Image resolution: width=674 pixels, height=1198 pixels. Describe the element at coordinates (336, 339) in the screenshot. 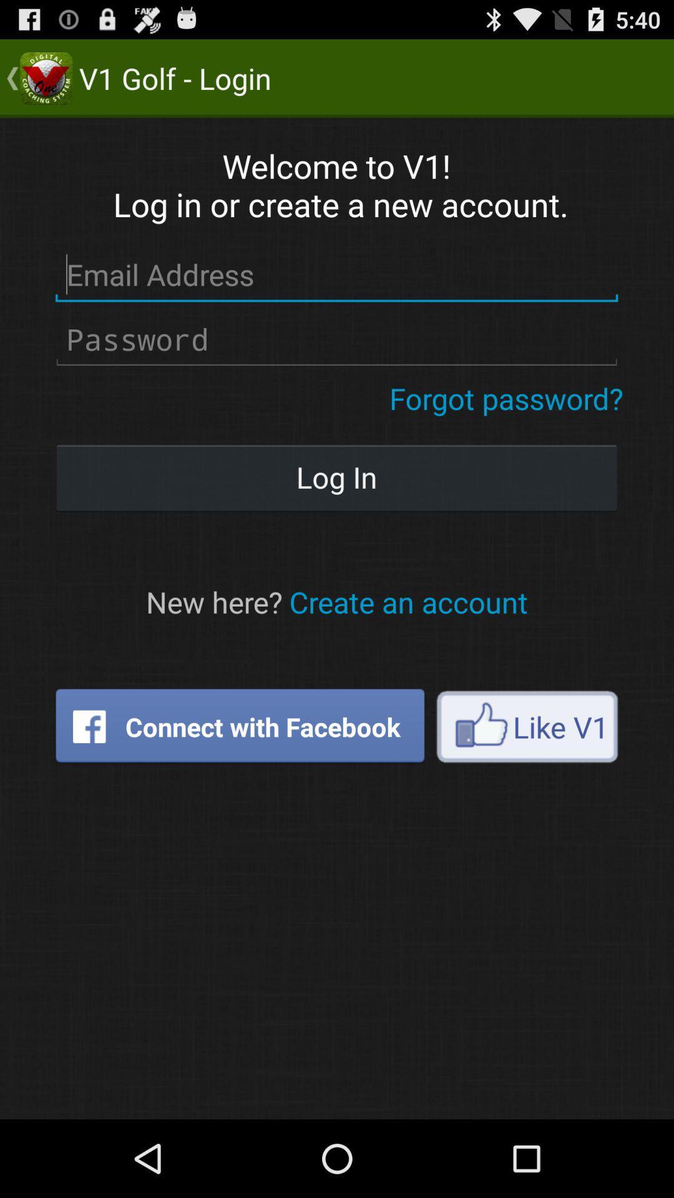

I see `text field` at that location.